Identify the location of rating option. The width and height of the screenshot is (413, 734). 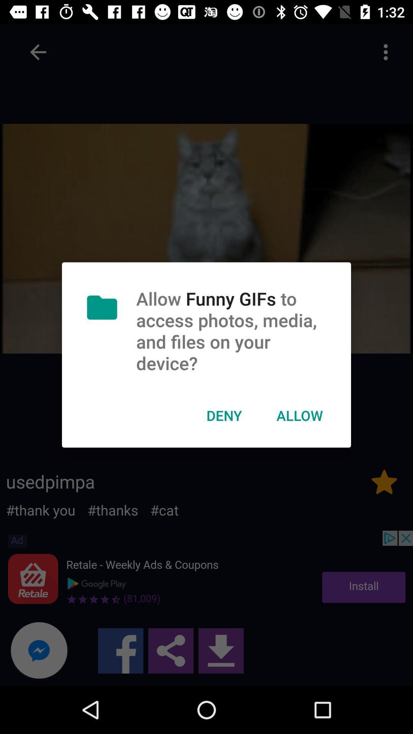
(384, 481).